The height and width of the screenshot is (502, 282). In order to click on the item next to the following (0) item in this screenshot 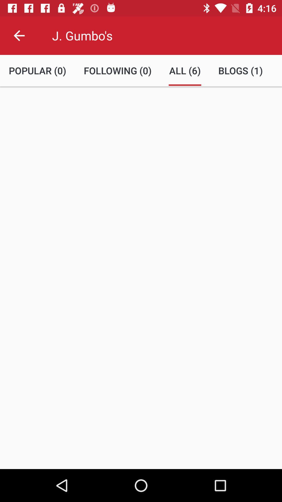, I will do `click(37, 70)`.